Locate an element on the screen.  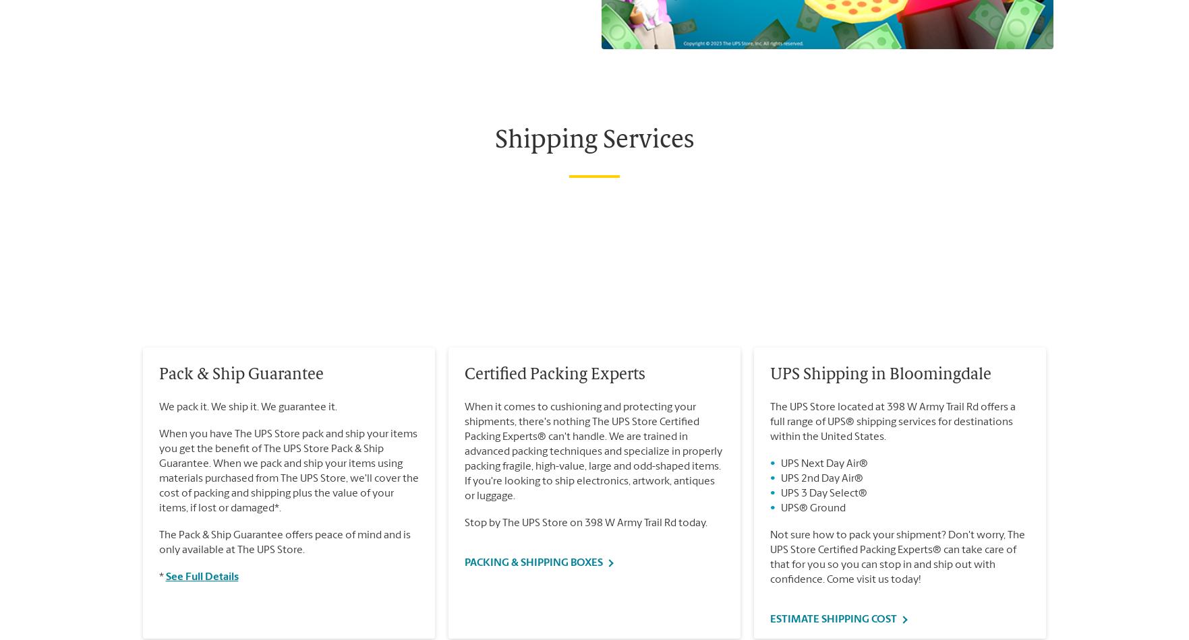
'The UPS Store' is located at coordinates (160, 117).